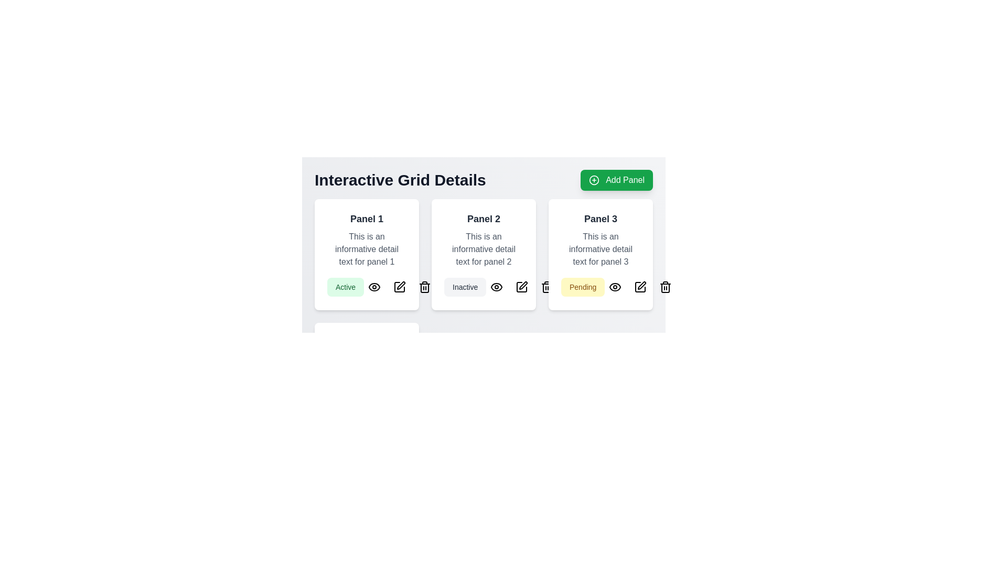  Describe the element at coordinates (665, 287) in the screenshot. I see `the delete button icon located in the bottom-right corner of 'Panel 3'` at that location.